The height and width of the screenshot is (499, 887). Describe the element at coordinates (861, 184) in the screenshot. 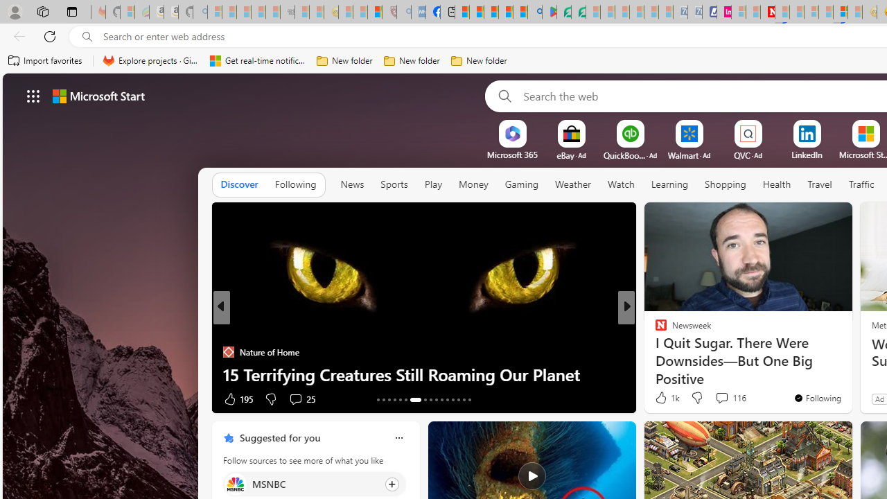

I see `'Traffic'` at that location.